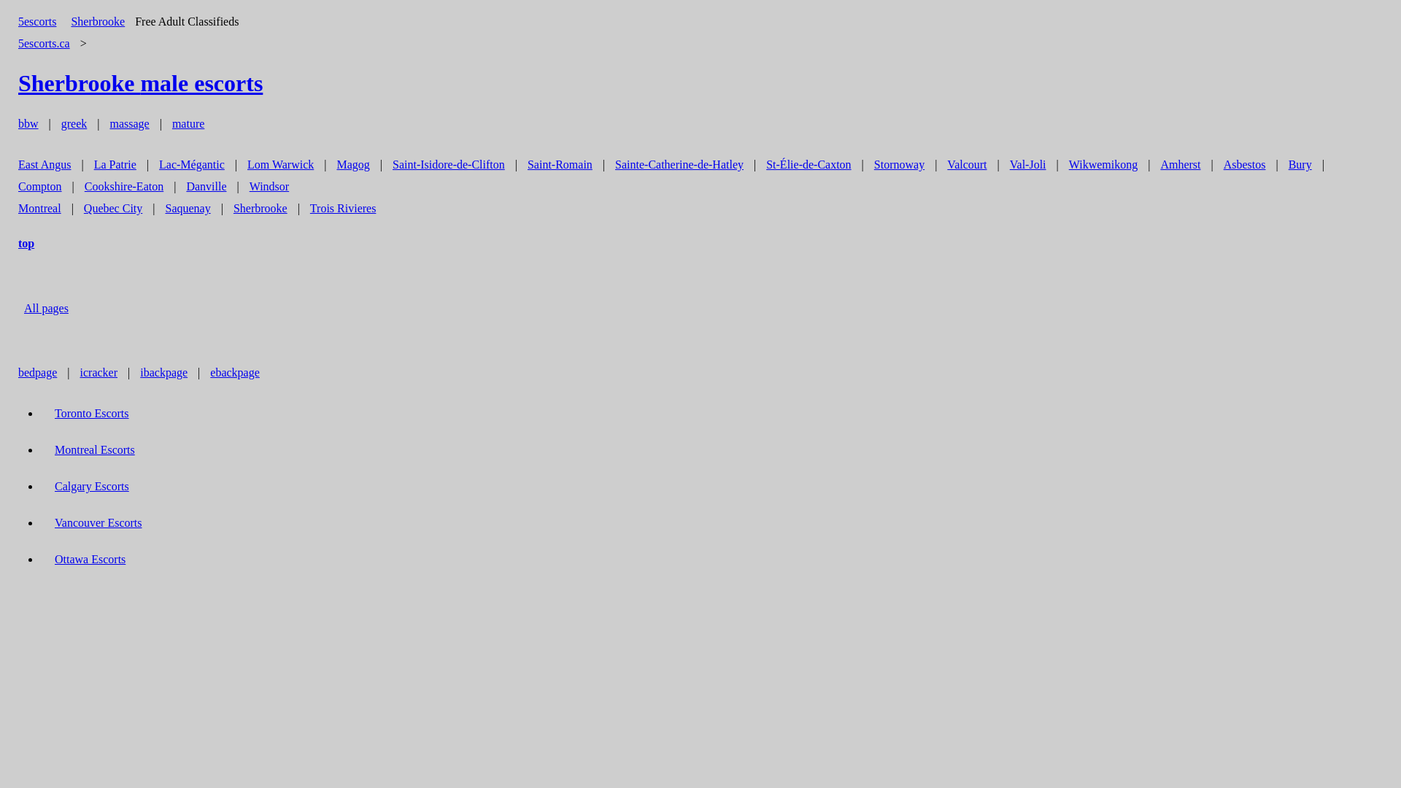  What do you see at coordinates (37, 371) in the screenshot?
I see `'bedpage'` at bounding box center [37, 371].